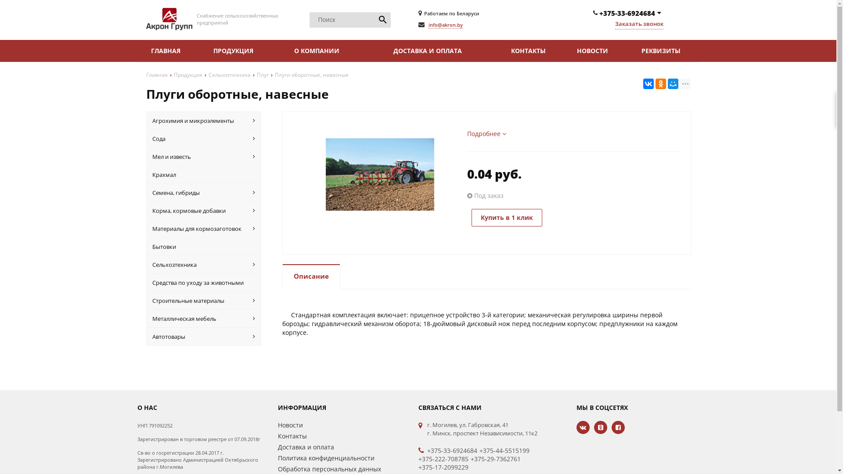 This screenshot has width=843, height=474. What do you see at coordinates (426, 450) in the screenshot?
I see `'+375-33-6924684'` at bounding box center [426, 450].